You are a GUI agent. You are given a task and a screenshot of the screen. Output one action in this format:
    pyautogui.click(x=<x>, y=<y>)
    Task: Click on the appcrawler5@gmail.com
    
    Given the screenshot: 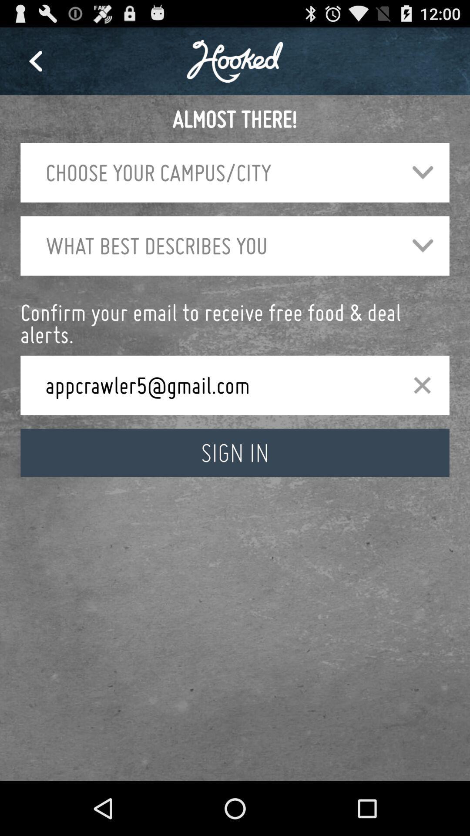 What is the action you would take?
    pyautogui.click(x=215, y=384)
    